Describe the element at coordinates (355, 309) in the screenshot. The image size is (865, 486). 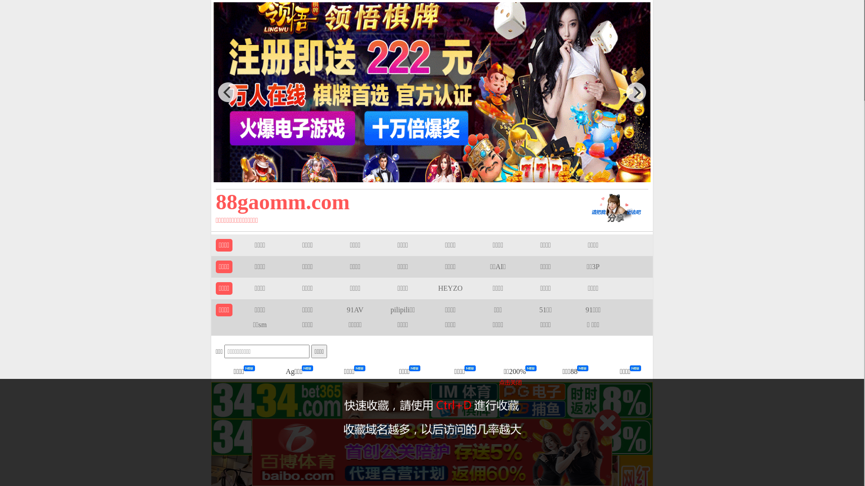
I see `'91AV'` at that location.